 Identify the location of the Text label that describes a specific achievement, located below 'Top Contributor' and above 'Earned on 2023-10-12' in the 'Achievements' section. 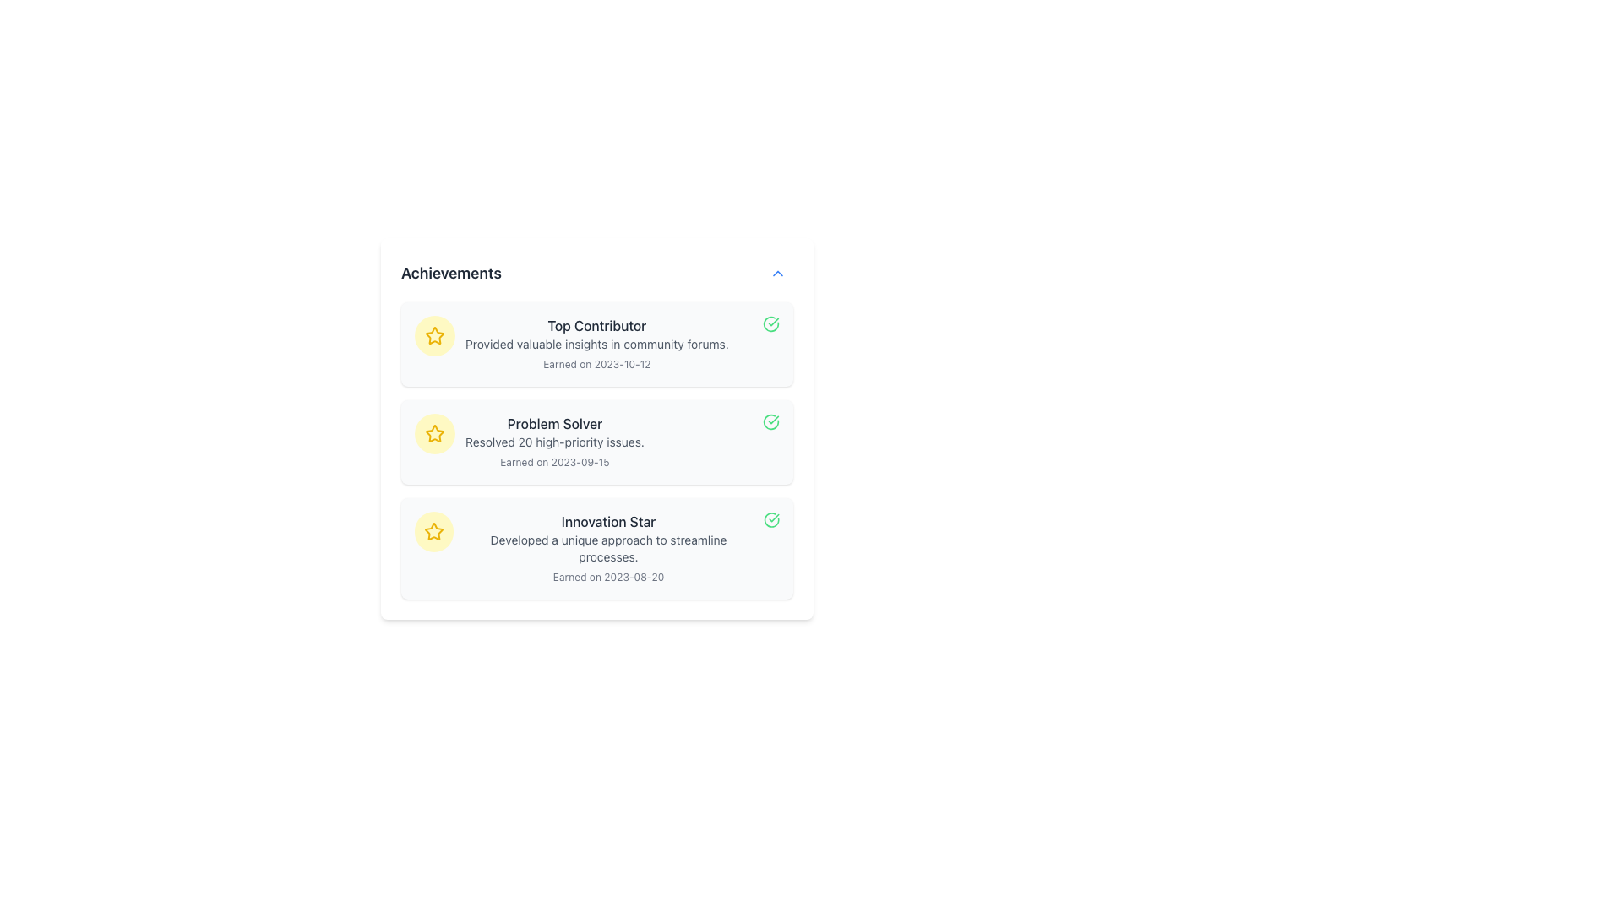
(596, 344).